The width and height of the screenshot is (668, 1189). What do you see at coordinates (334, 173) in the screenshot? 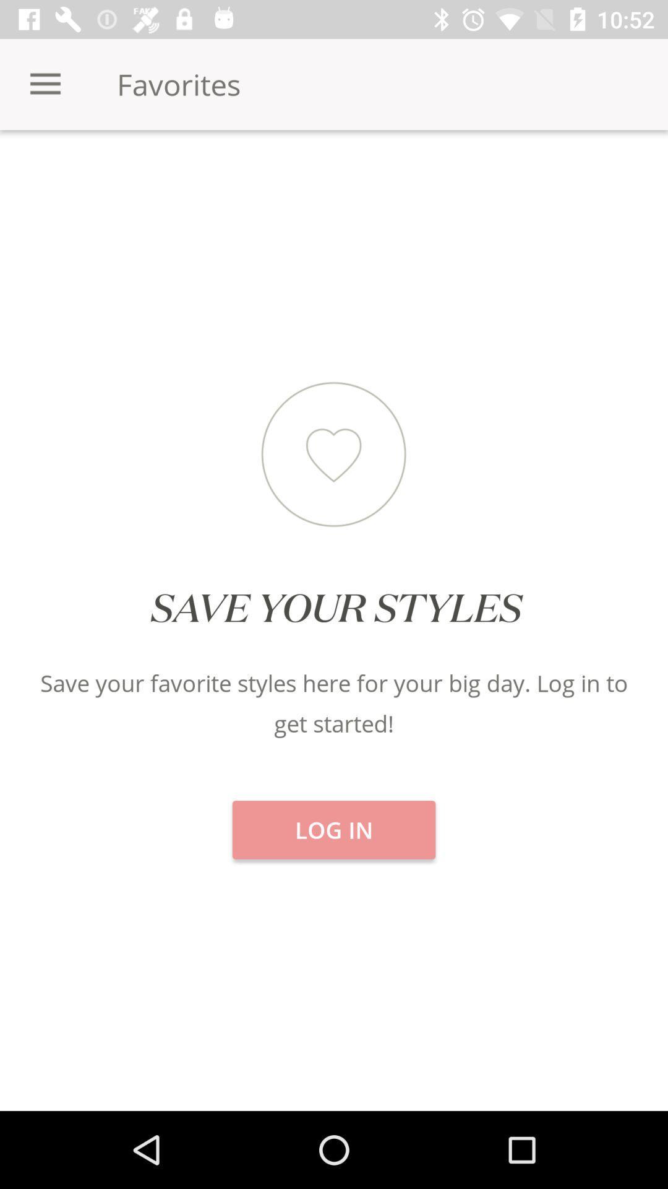
I see `the icon to the right of the categories` at bounding box center [334, 173].